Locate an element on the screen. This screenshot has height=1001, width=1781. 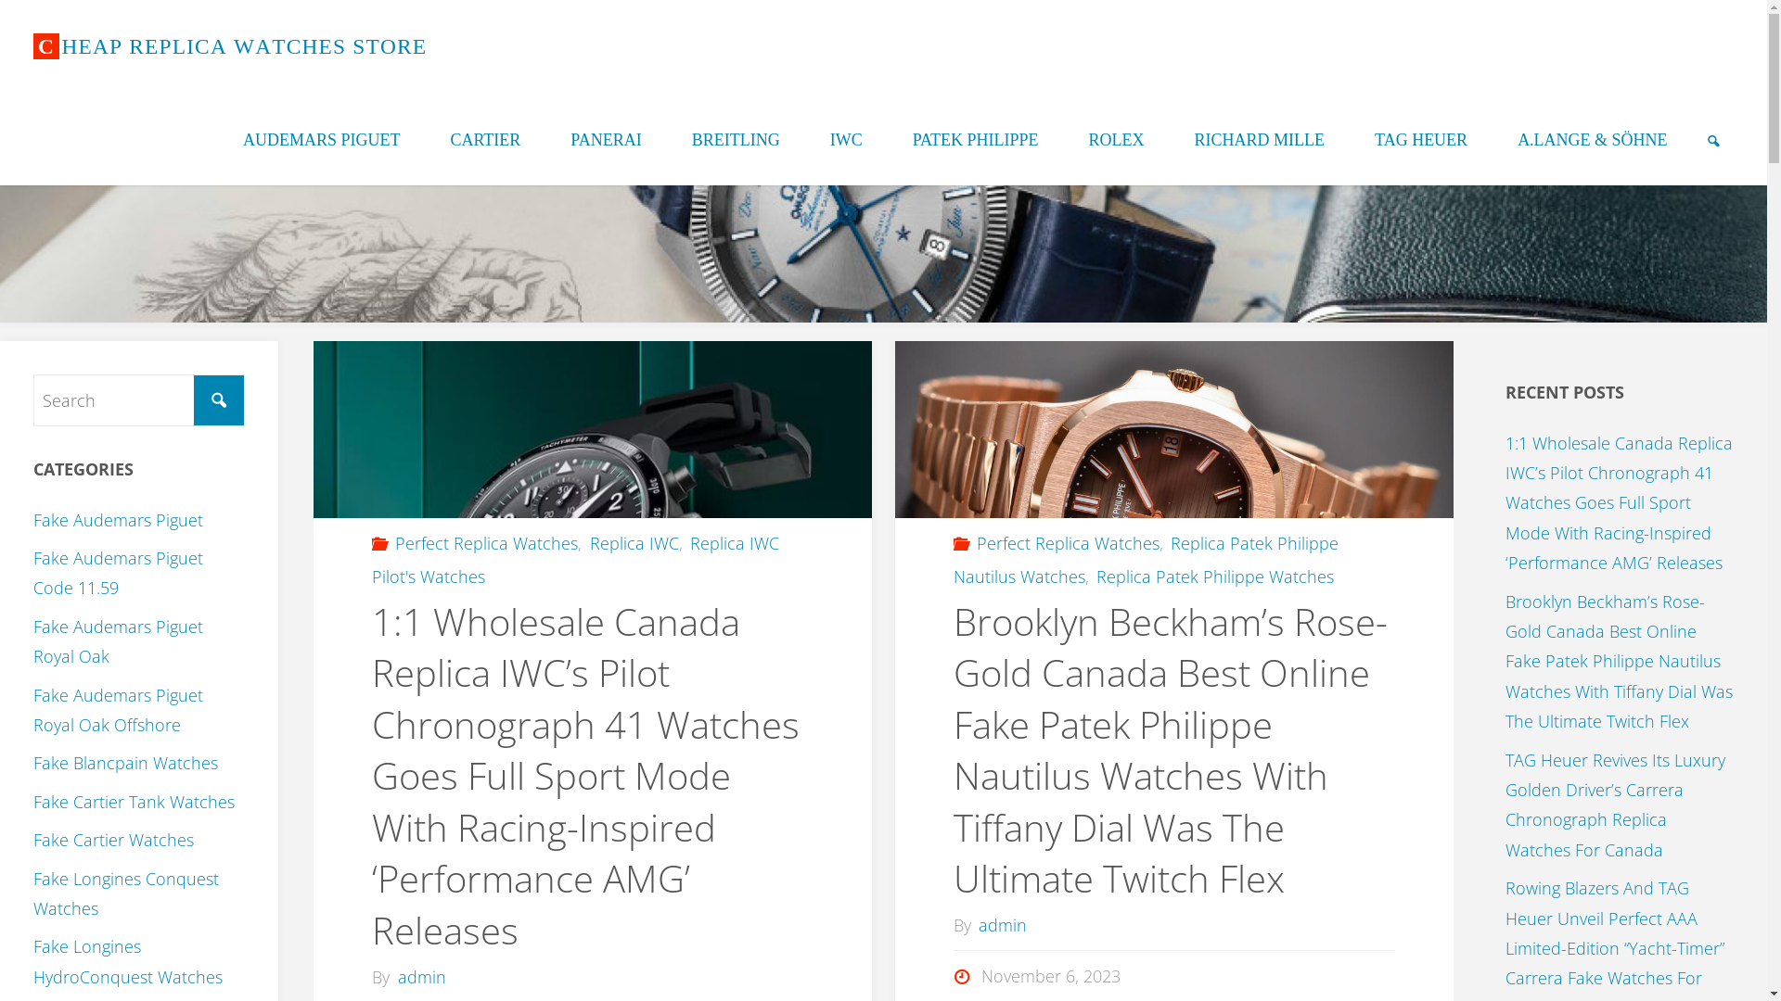
'RICHARD MILLE' is located at coordinates (1260, 138).